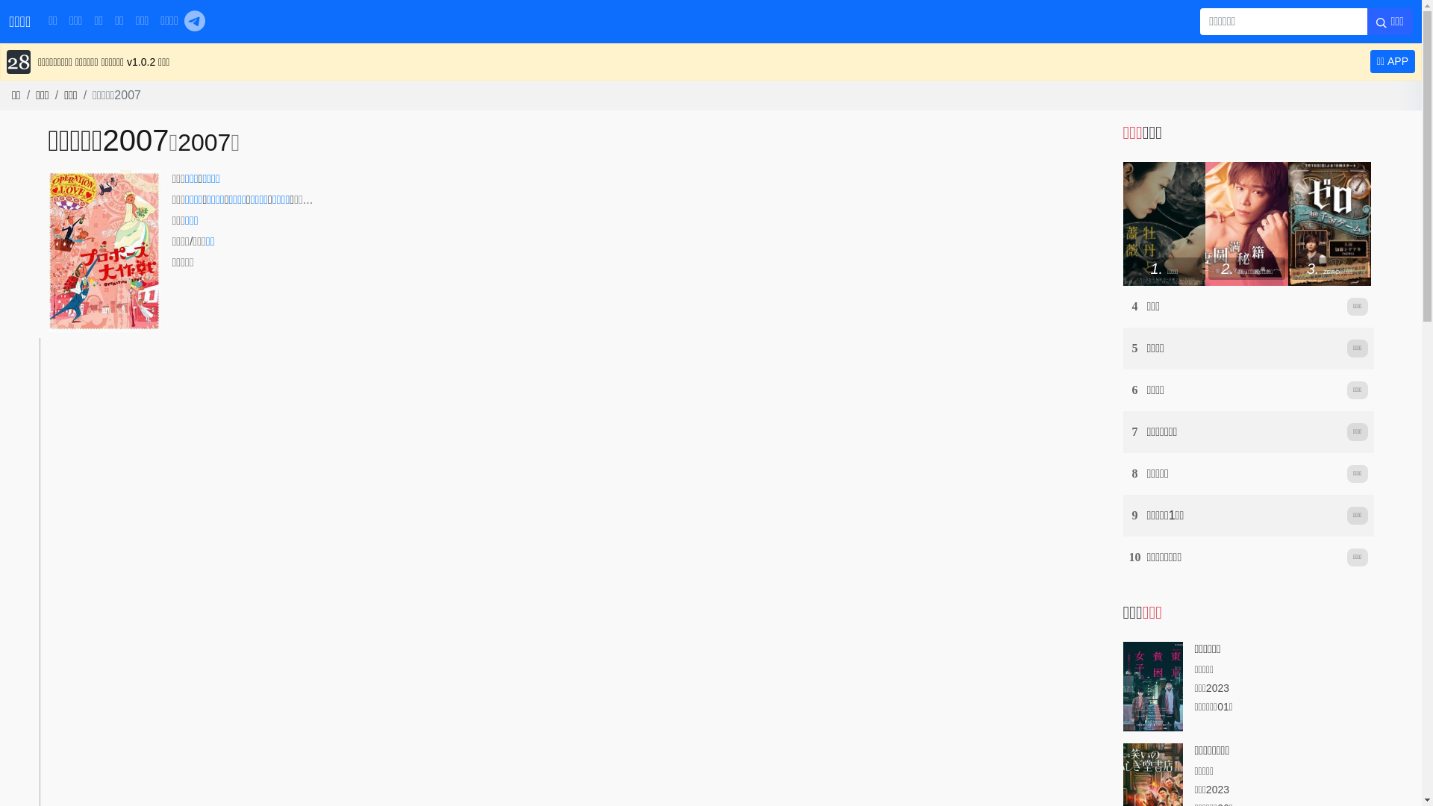  What do you see at coordinates (178, 143) in the screenshot?
I see `'2007'` at bounding box center [178, 143].